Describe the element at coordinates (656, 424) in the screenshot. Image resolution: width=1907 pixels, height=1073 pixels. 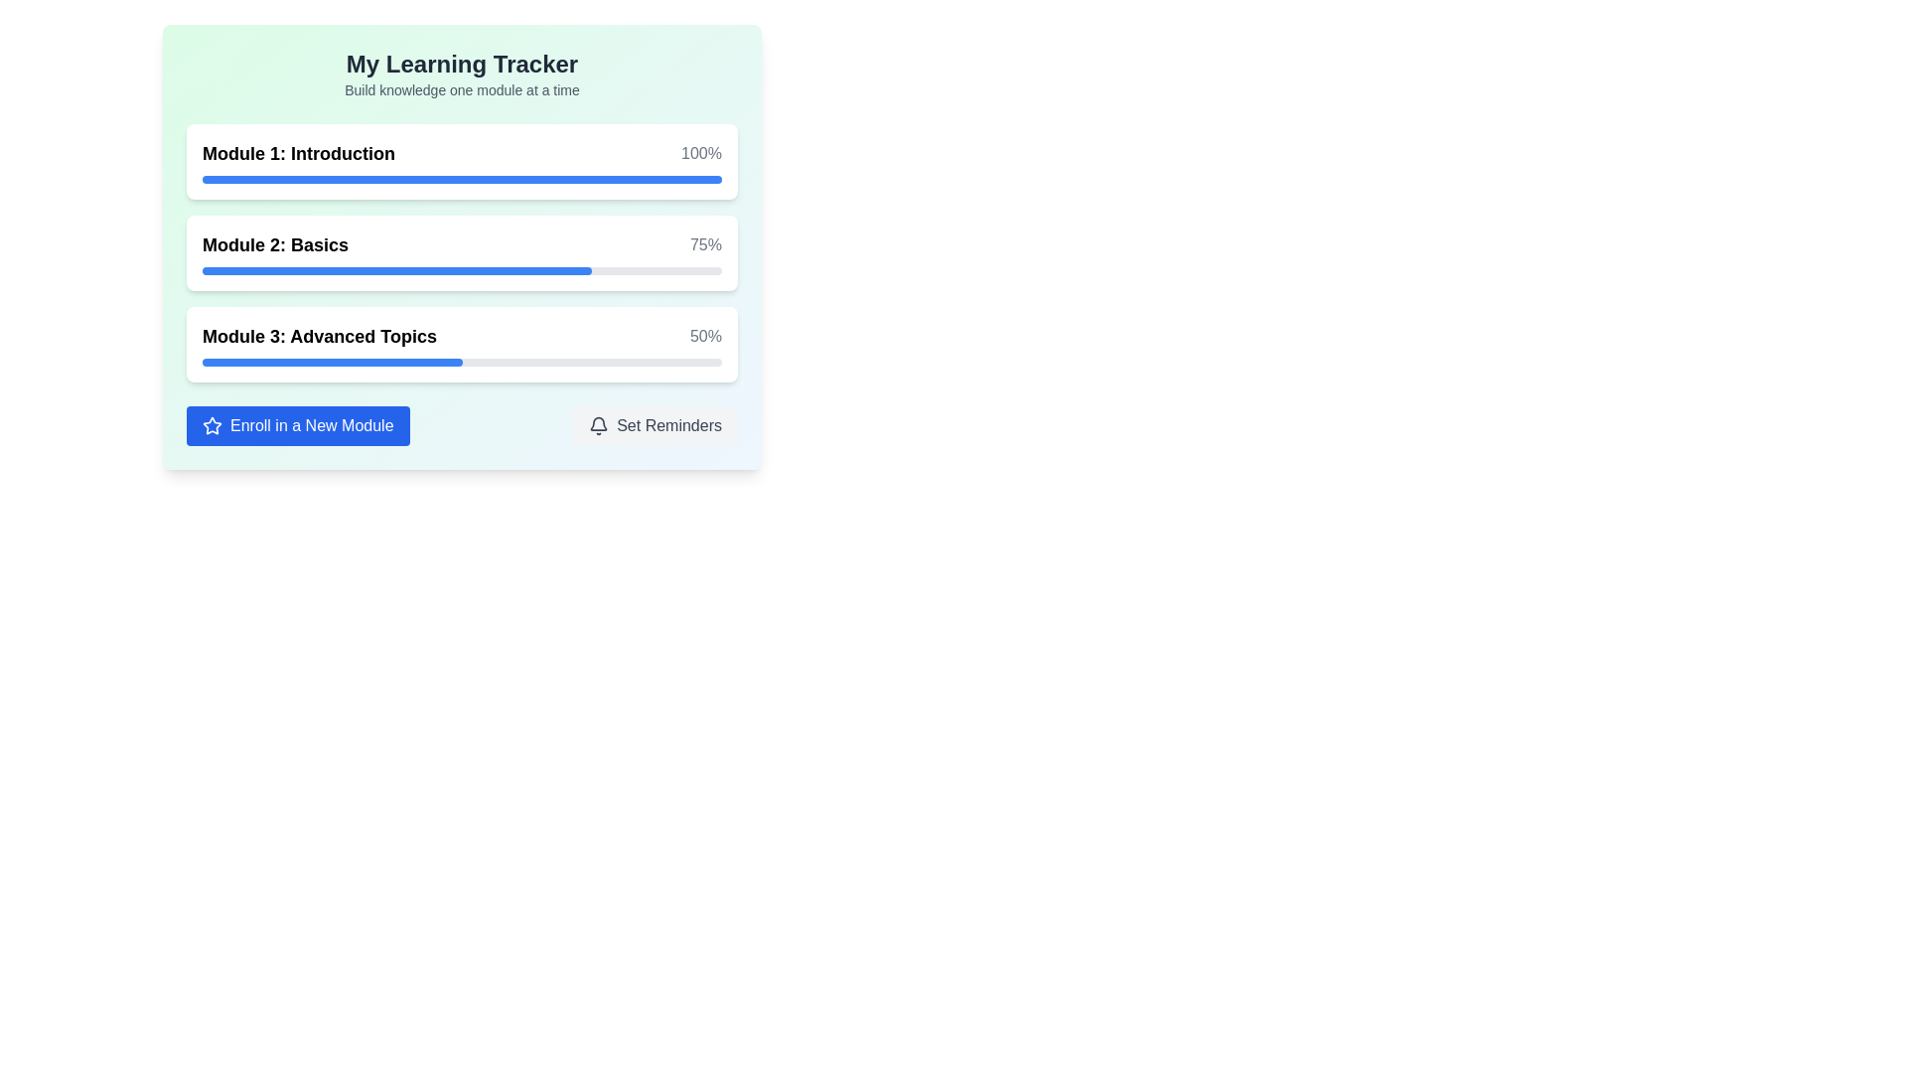
I see `the 'Set Reminders' button with a bell icon` at that location.